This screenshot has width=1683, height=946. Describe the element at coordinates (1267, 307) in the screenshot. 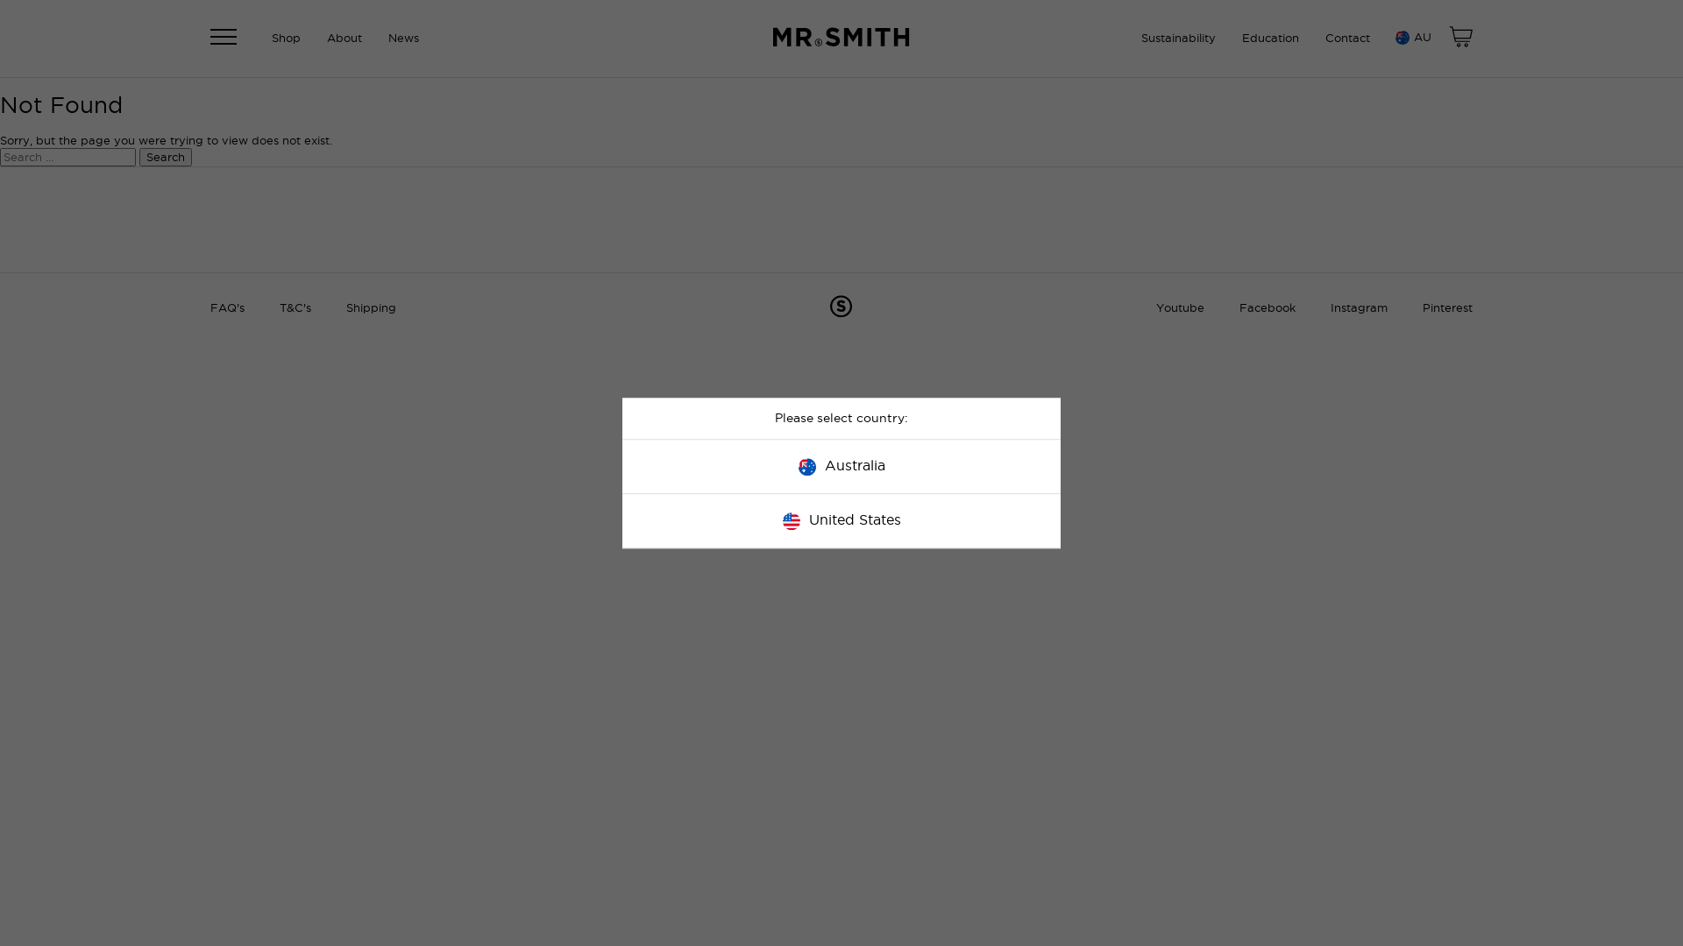

I see `'Facebook'` at that location.